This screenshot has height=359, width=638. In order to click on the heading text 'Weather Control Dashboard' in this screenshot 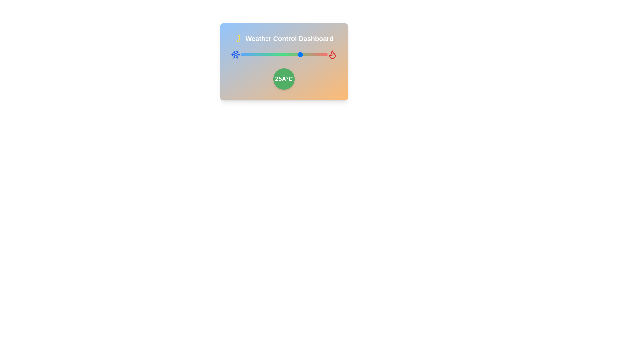, I will do `click(284, 38)`.